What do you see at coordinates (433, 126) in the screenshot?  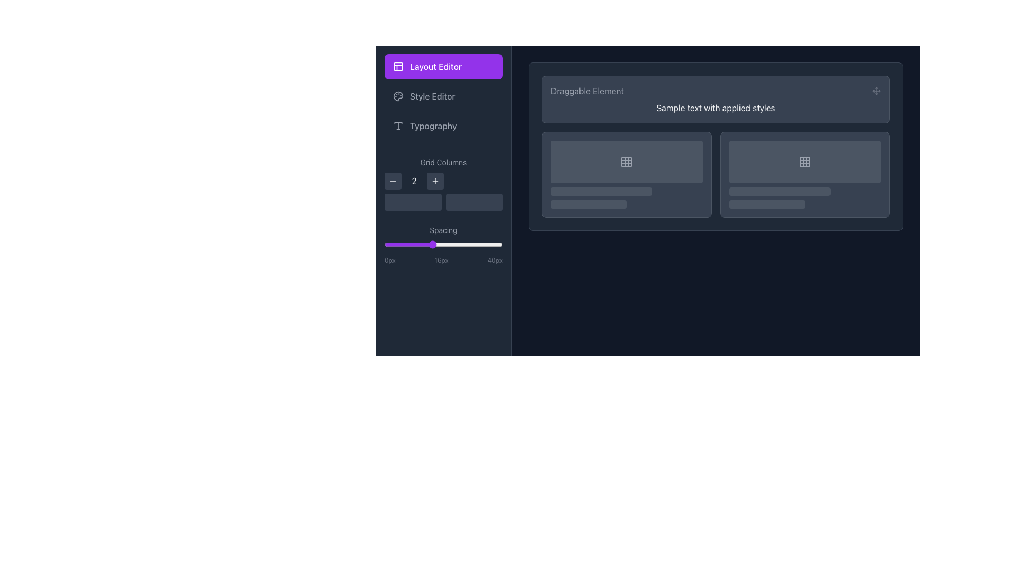 I see `the 'Typography' label located on the left sidebar of the navigation menu` at bounding box center [433, 126].